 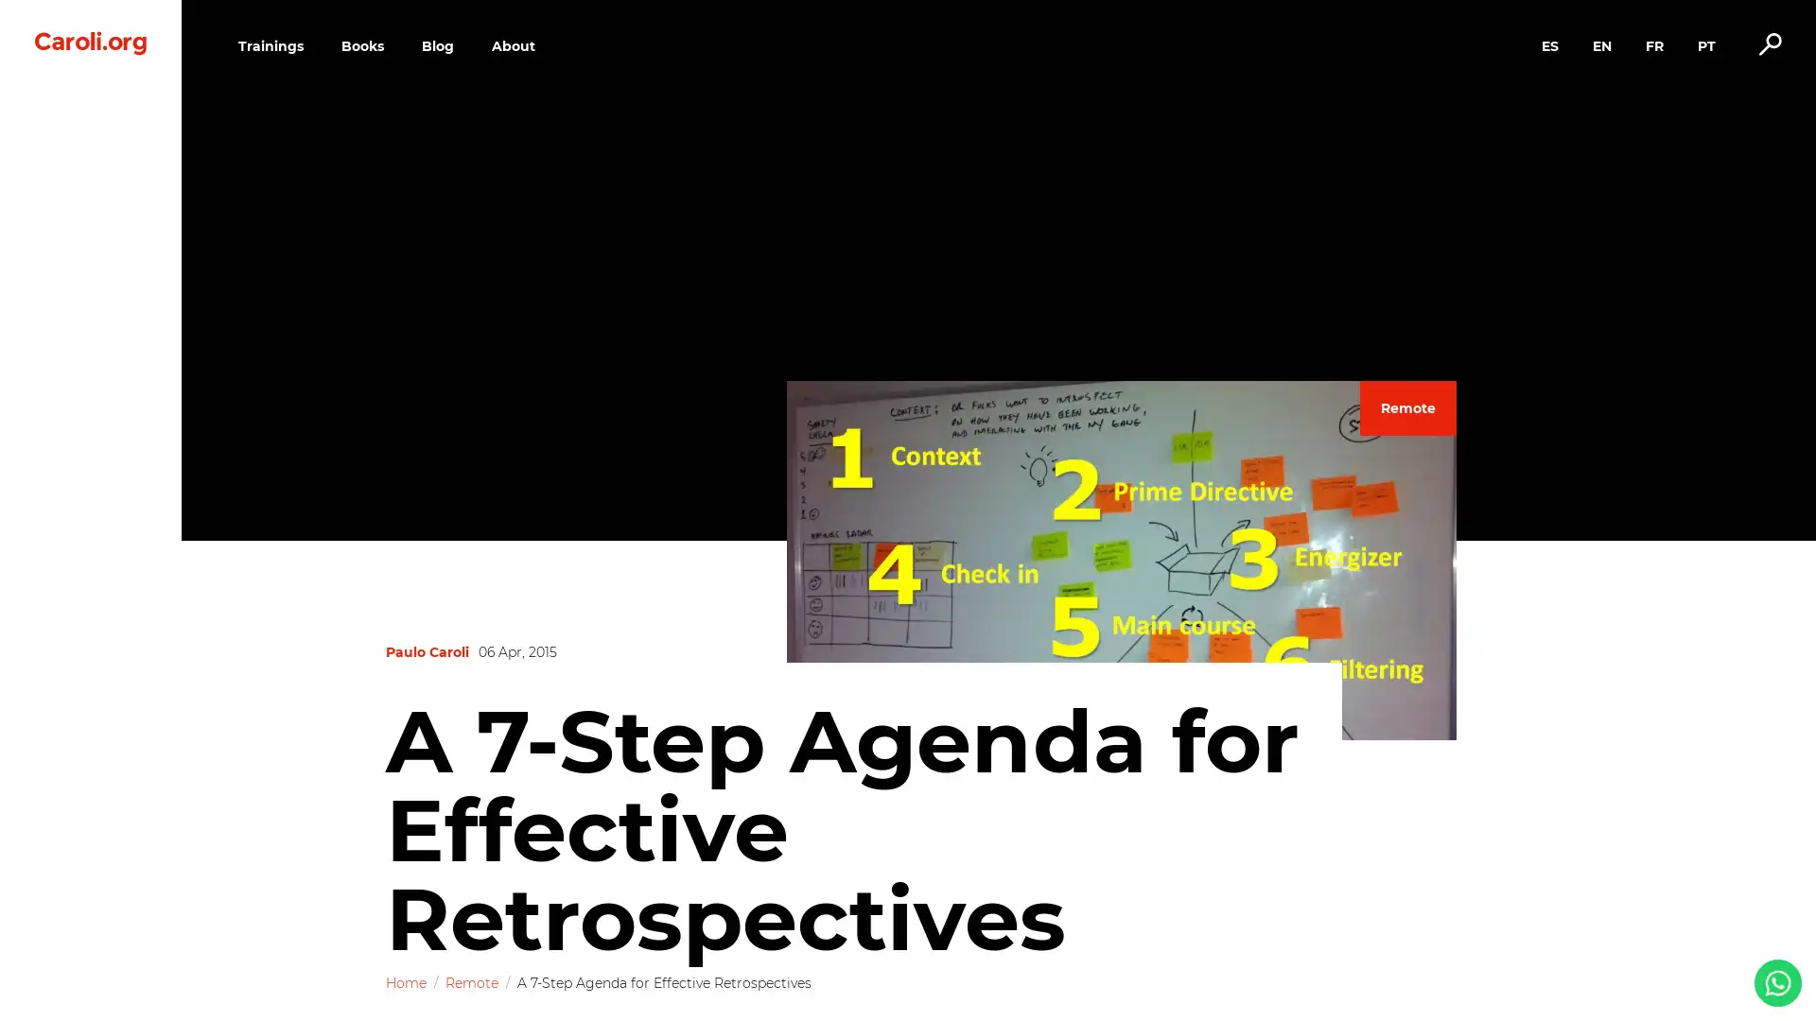 What do you see at coordinates (1766, 43) in the screenshot?
I see `Alternar busca` at bounding box center [1766, 43].